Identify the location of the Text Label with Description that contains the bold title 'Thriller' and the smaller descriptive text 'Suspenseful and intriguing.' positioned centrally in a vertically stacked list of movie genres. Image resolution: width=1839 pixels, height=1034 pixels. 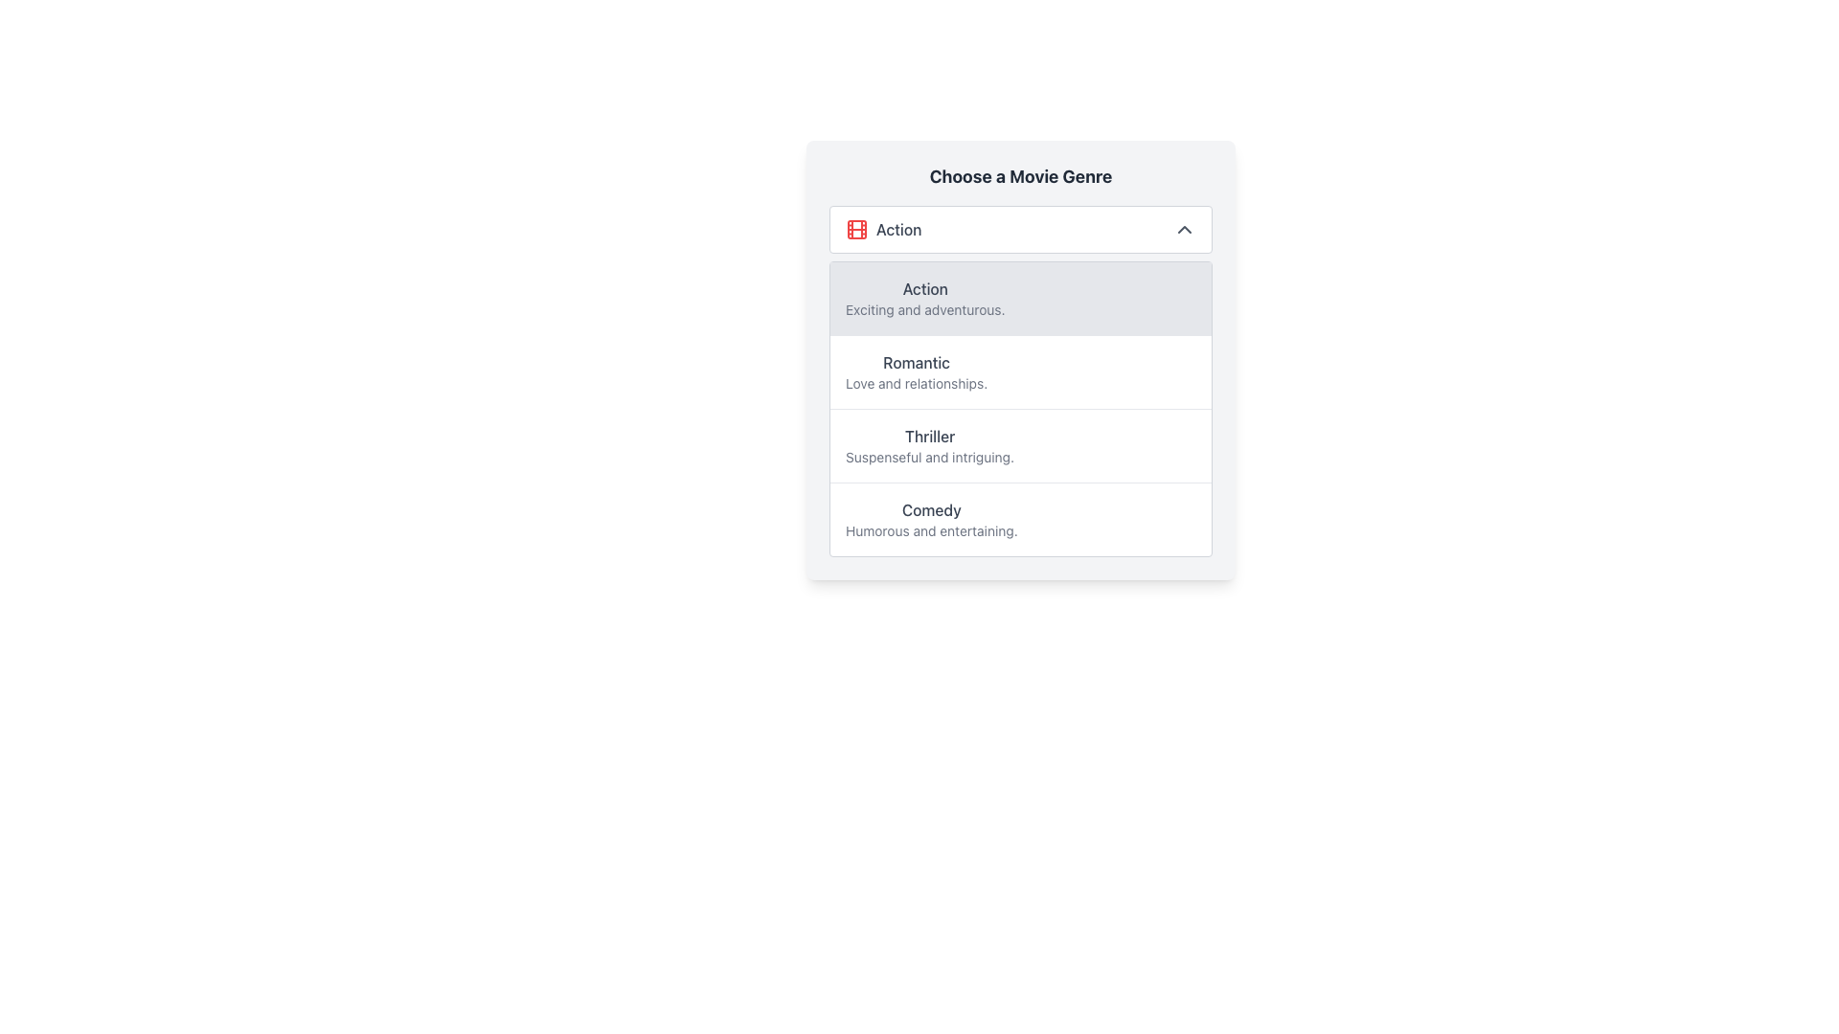
(929, 446).